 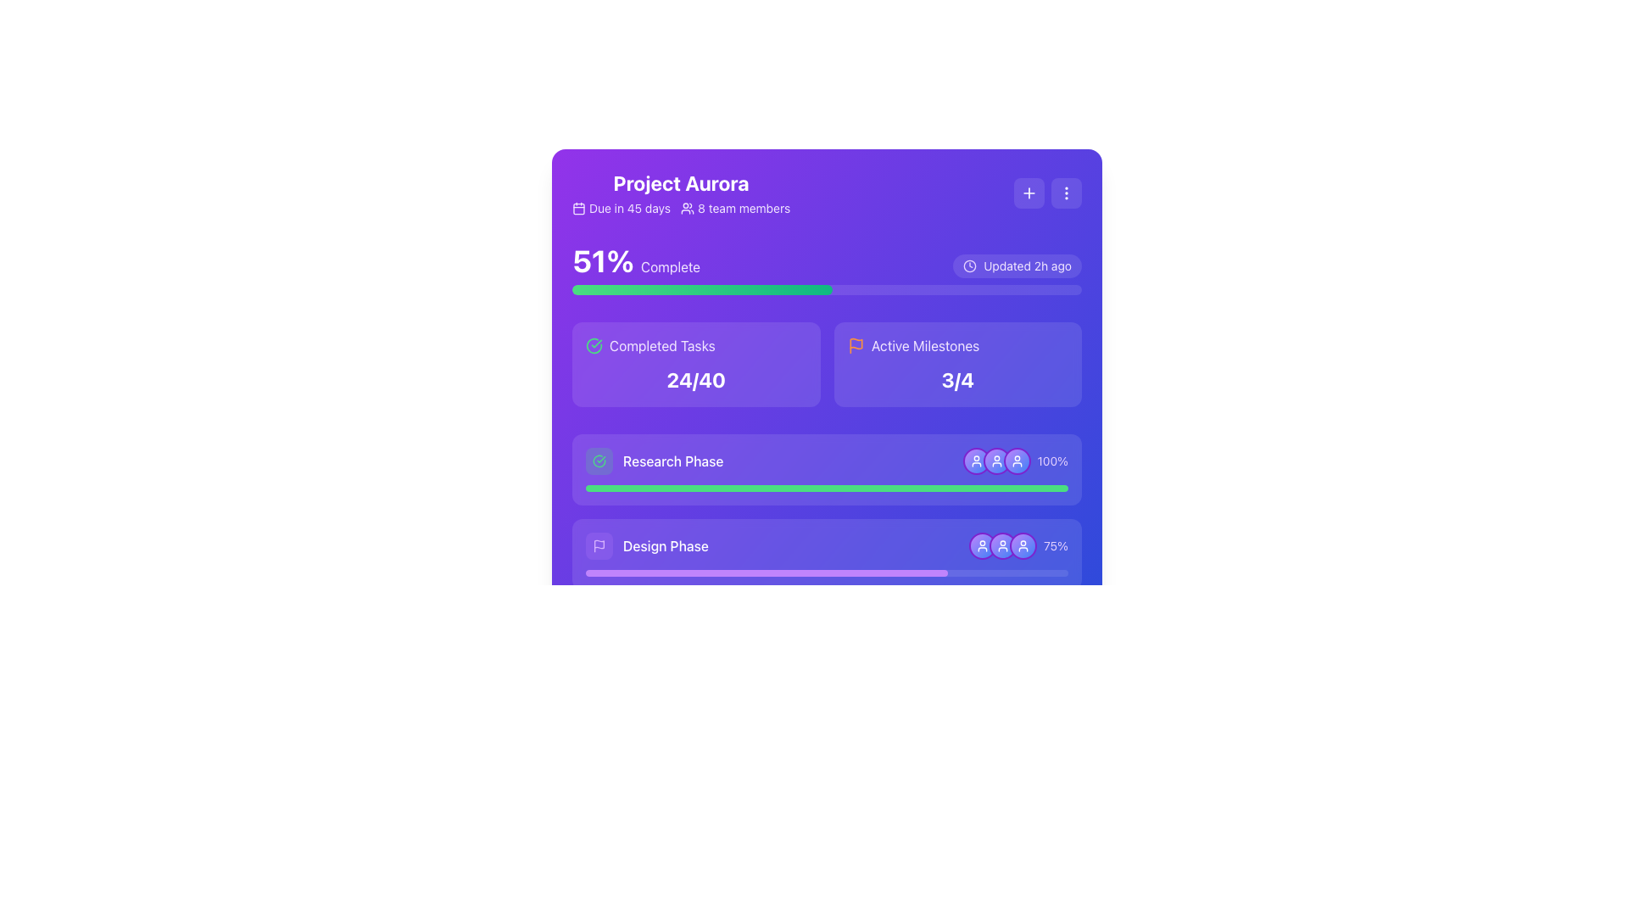 What do you see at coordinates (621, 208) in the screenshot?
I see `the time remaining indicator located just below the 'Project Aurora' header and to the left of the '8 team members' text` at bounding box center [621, 208].